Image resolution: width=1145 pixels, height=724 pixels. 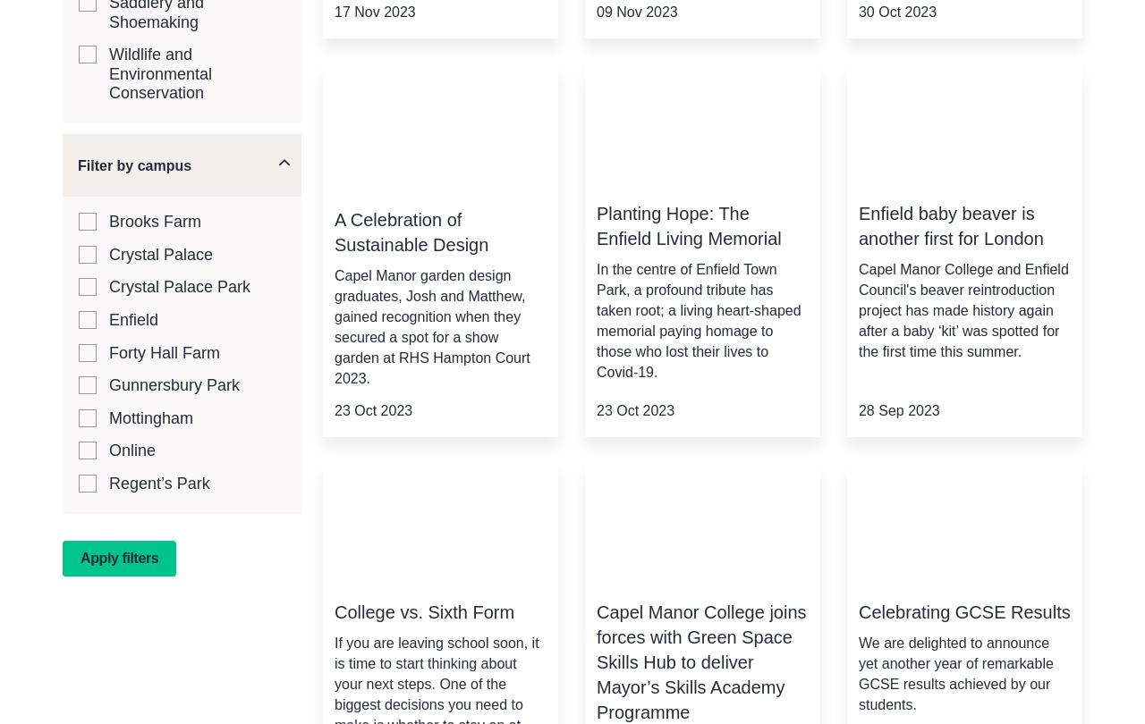 What do you see at coordinates (174, 385) in the screenshot?
I see `'Gunnersbury Park'` at bounding box center [174, 385].